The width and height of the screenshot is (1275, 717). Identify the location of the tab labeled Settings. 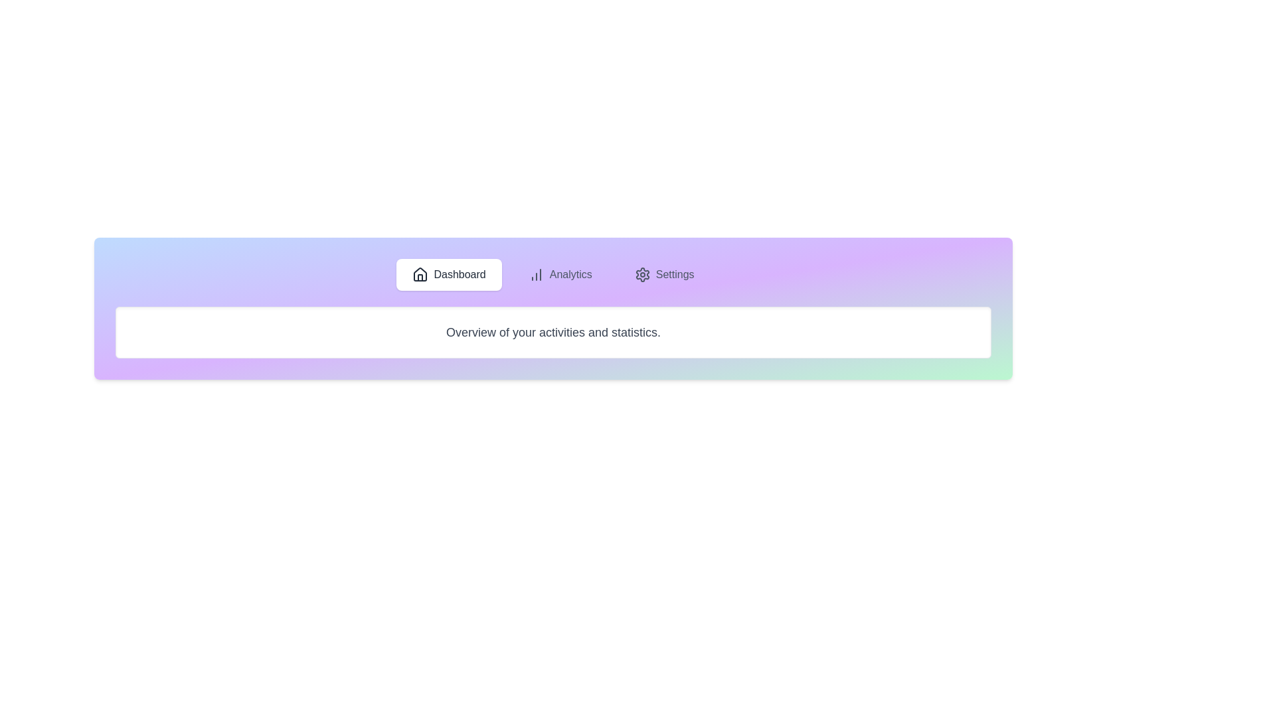
(664, 274).